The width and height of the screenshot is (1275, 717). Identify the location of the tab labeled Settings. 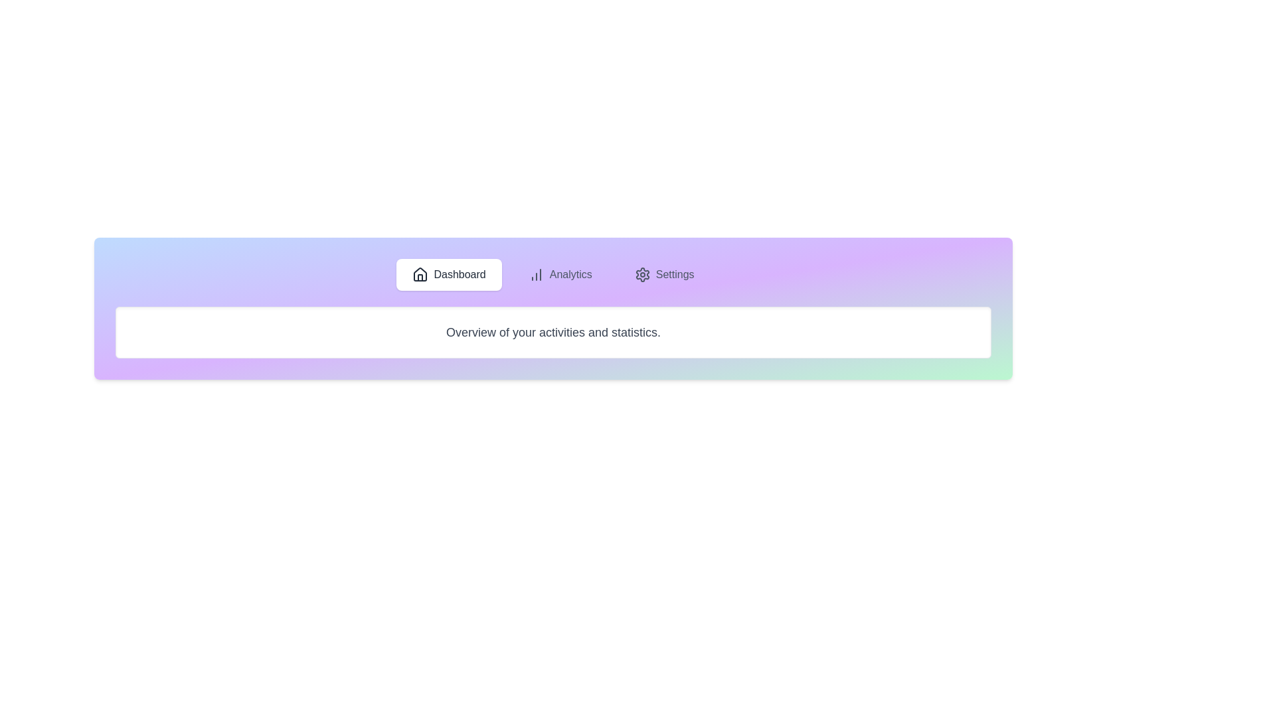
(664, 274).